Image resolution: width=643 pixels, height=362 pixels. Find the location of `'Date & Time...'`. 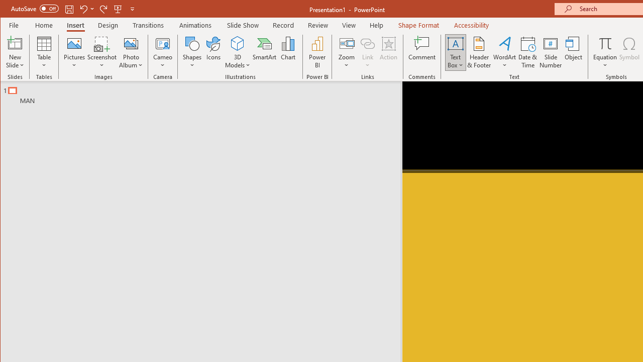

'Date & Time...' is located at coordinates (527, 52).